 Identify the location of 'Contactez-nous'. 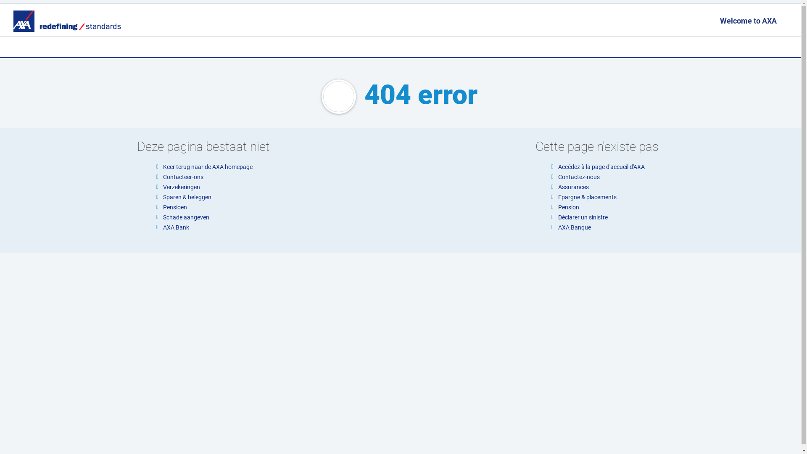
(578, 176).